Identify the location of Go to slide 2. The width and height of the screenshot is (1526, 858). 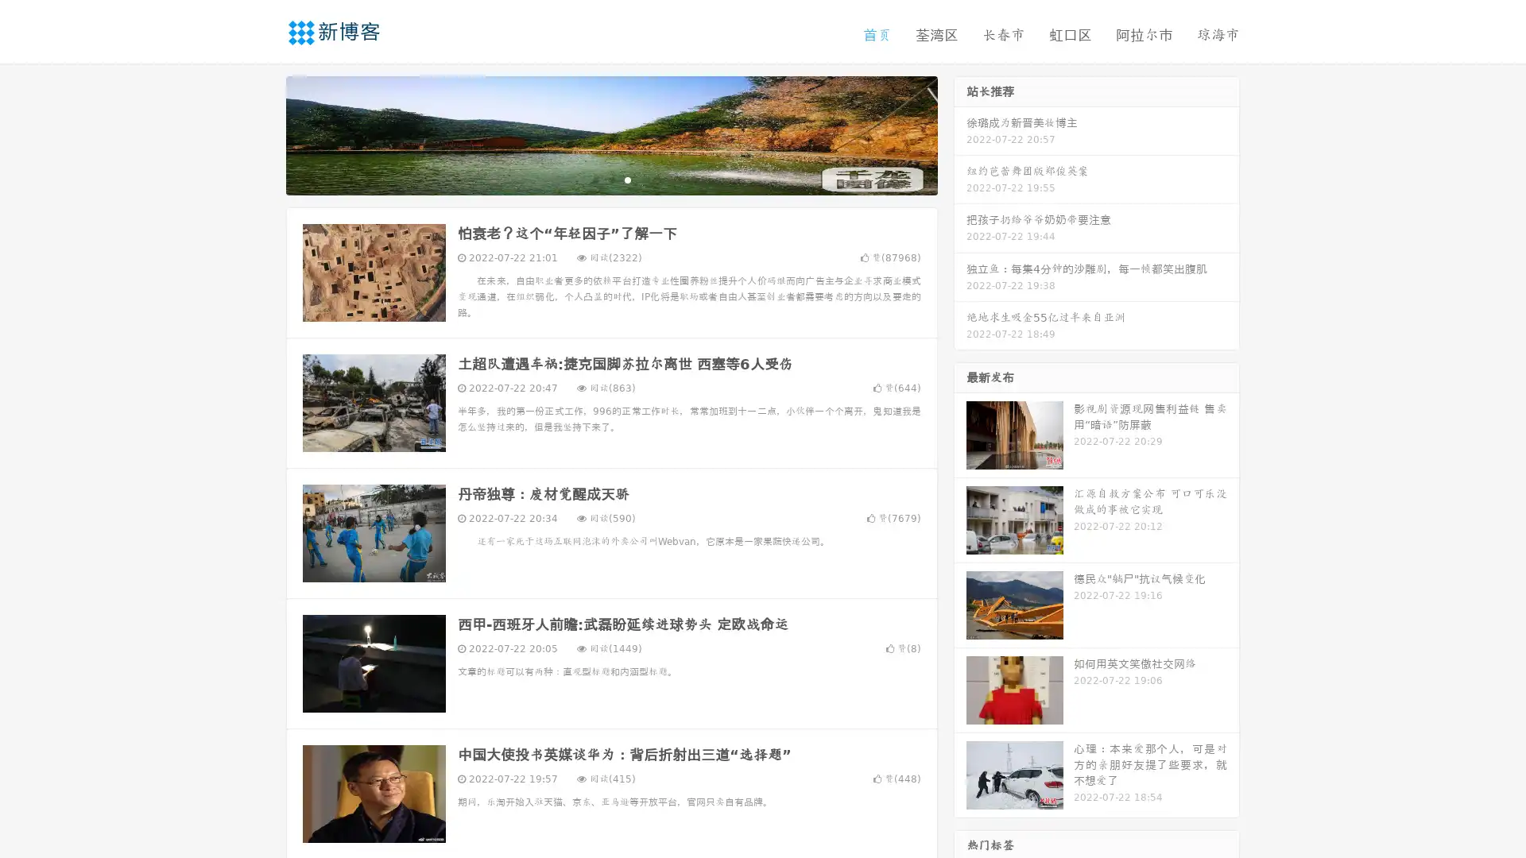
(610, 179).